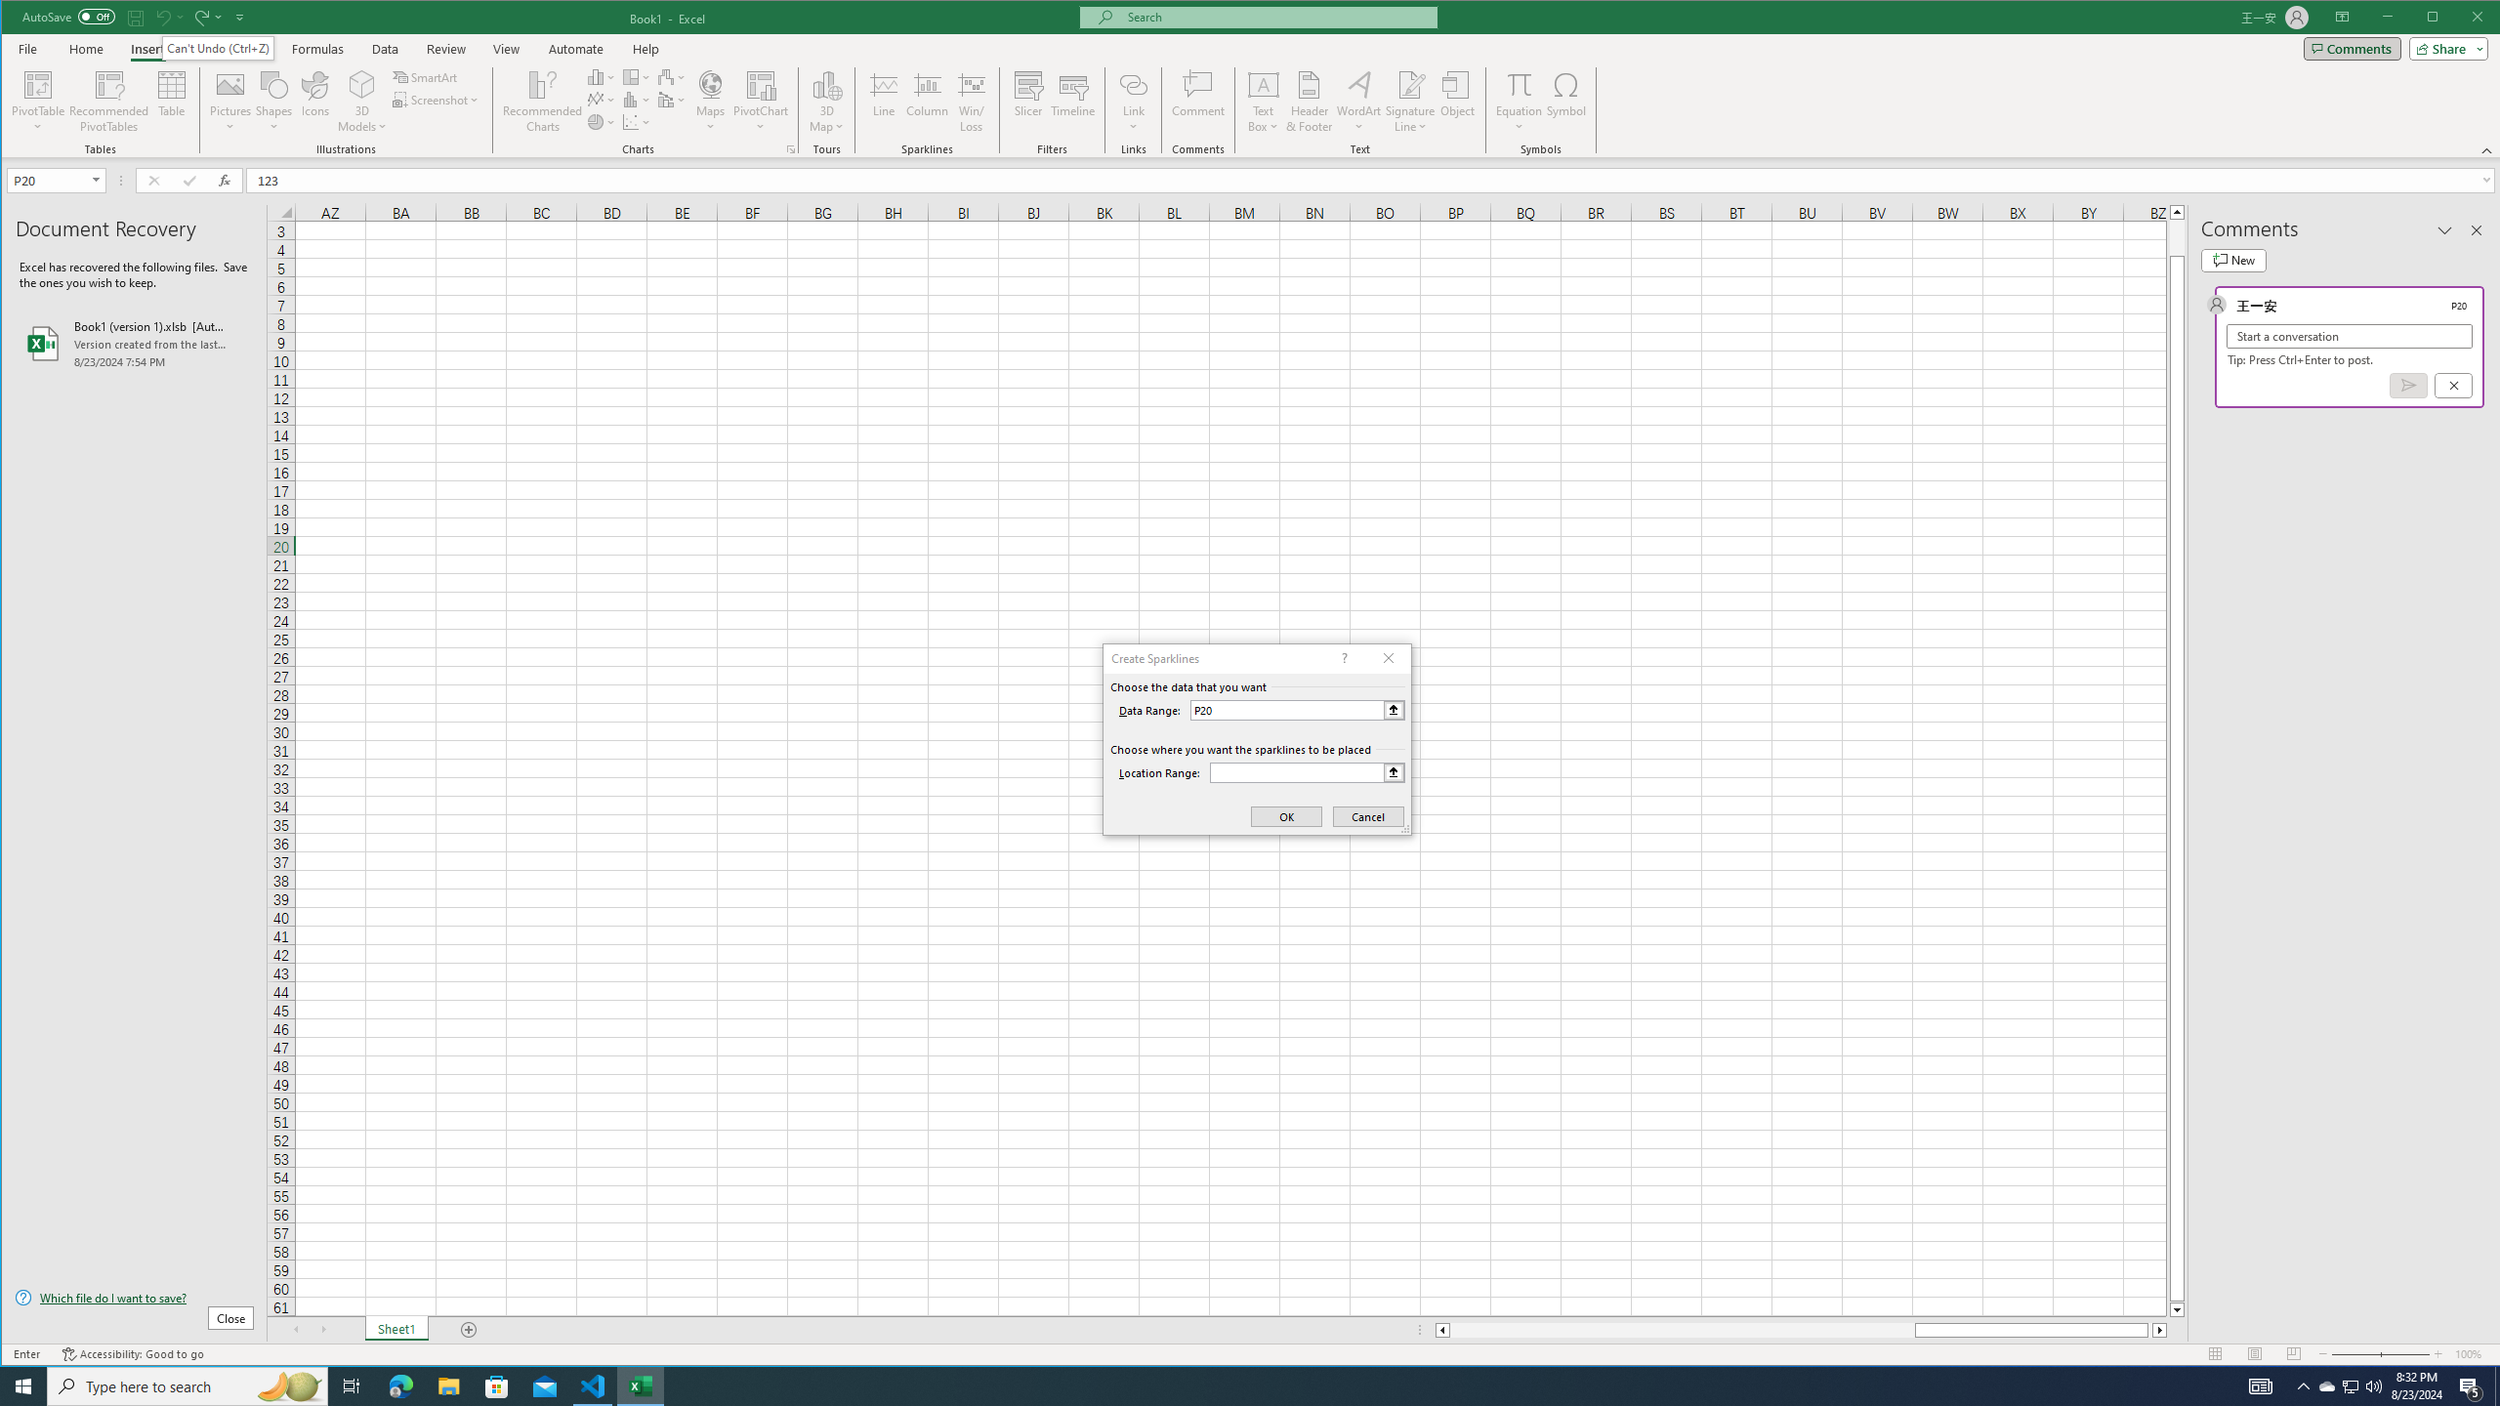 This screenshot has height=1406, width=2500. I want to click on 'Table', so click(171, 101).